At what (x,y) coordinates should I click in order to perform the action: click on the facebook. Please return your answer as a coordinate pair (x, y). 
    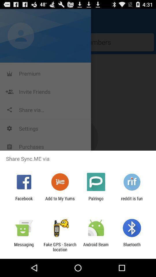
    Looking at the image, I should click on (24, 201).